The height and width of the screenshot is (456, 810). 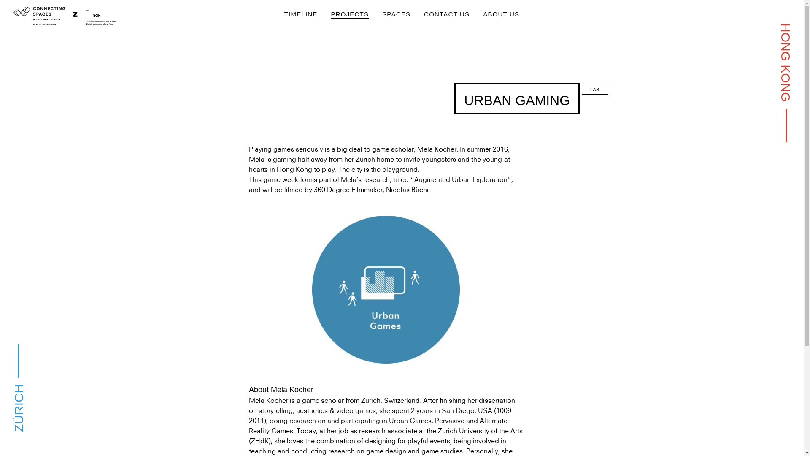 What do you see at coordinates (594, 89) in the screenshot?
I see `'LAB'` at bounding box center [594, 89].